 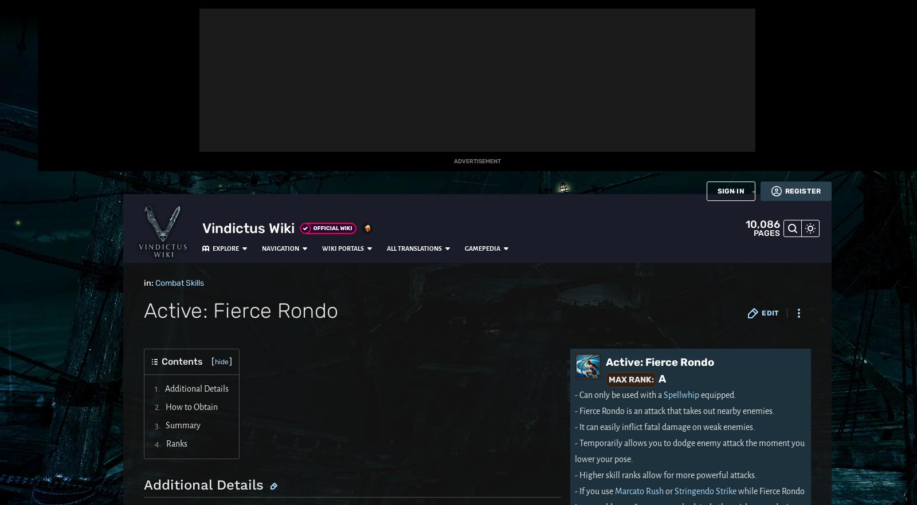 What do you see at coordinates (18, 369) in the screenshot?
I see `'Wikis'` at bounding box center [18, 369].